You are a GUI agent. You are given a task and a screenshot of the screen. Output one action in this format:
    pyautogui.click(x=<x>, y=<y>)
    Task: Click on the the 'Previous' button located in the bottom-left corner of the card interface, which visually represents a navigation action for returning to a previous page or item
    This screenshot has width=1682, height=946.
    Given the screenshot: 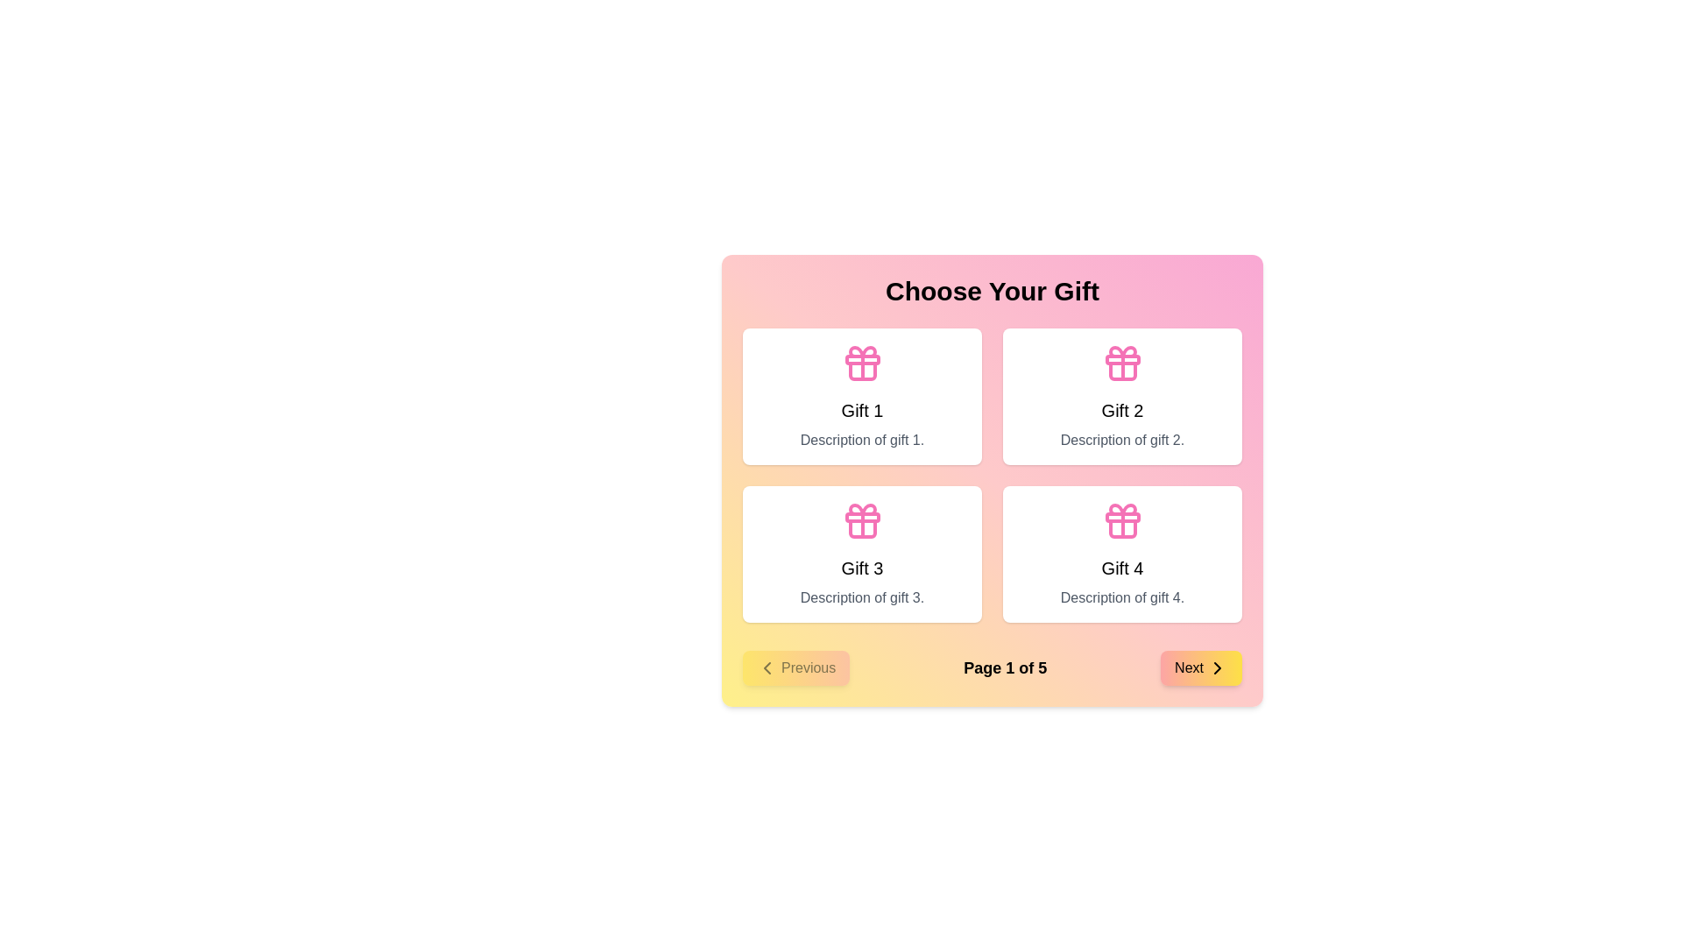 What is the action you would take?
    pyautogui.click(x=767, y=668)
    